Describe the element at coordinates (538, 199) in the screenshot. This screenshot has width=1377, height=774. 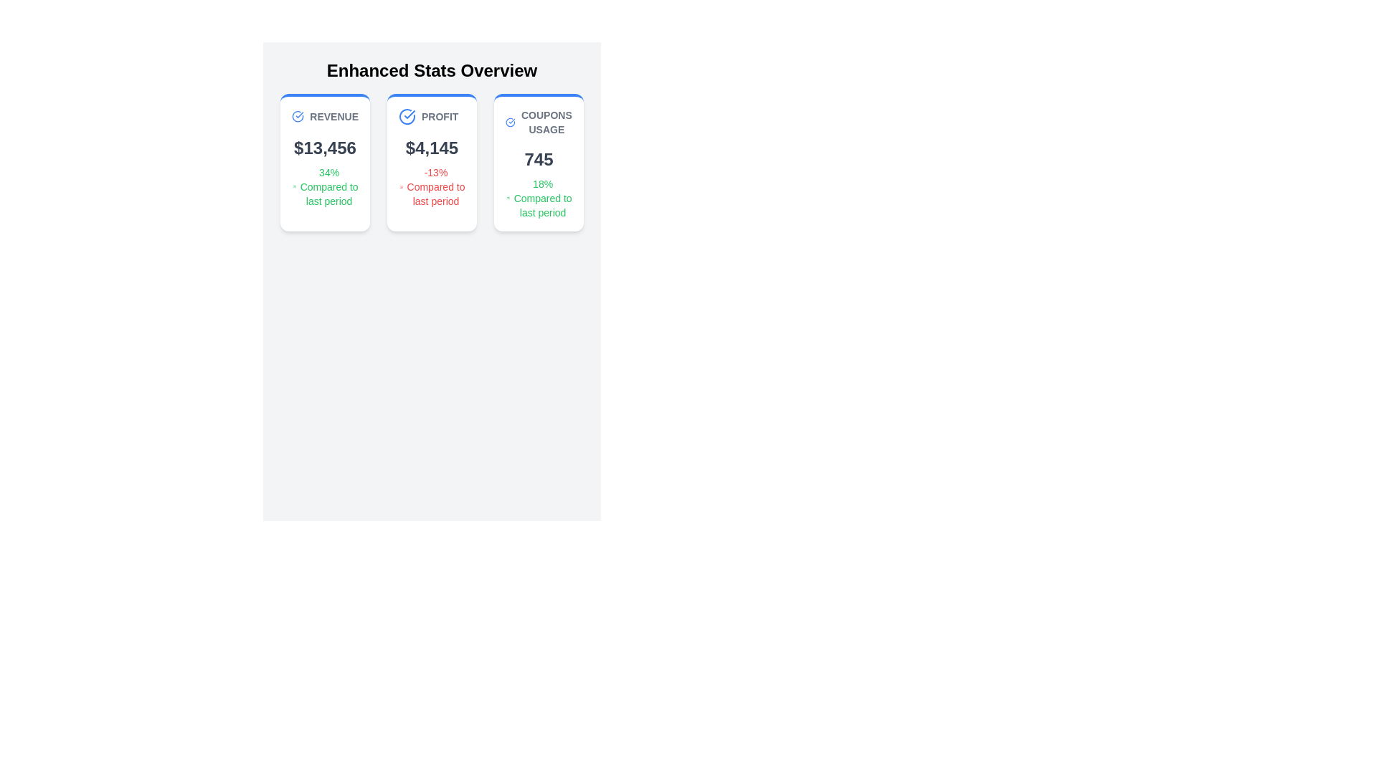
I see `the text displaying '18%' followed by 'Compared to last period' with an upward arrow icon in the third card titled 'COUPONS USAGE' in the 'Enhanced Stats Overview' section` at that location.